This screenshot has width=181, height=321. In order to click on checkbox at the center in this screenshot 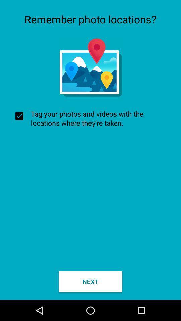, I will do `click(90, 118)`.